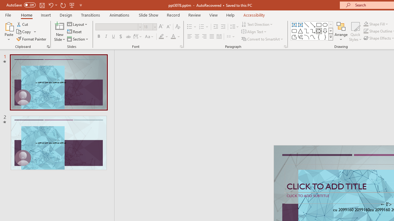  What do you see at coordinates (138, 37) in the screenshot?
I see `'Character Spacing'` at bounding box center [138, 37].